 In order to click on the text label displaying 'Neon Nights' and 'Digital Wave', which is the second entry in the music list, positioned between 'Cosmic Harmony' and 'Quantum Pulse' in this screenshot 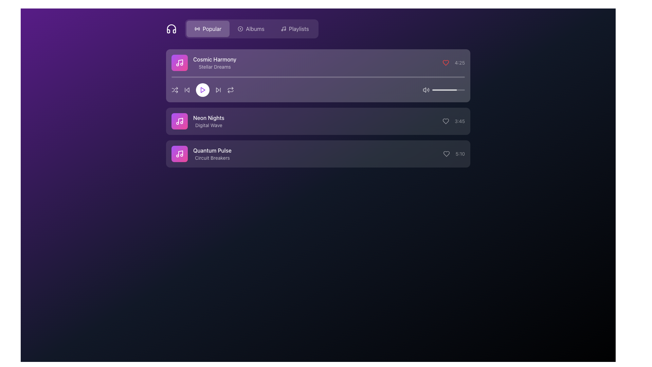, I will do `click(208, 121)`.